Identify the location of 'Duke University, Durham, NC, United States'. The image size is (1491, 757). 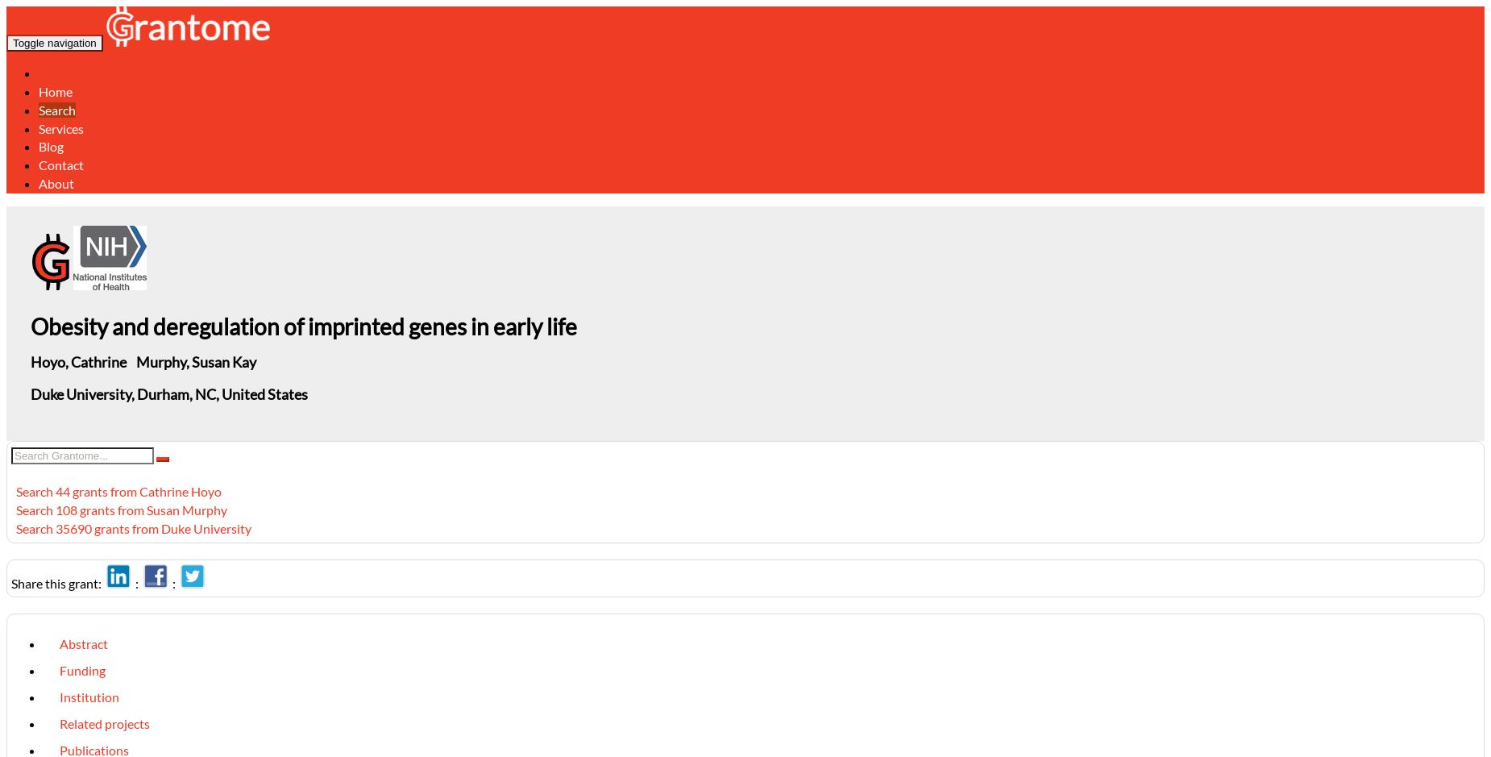
(168, 392).